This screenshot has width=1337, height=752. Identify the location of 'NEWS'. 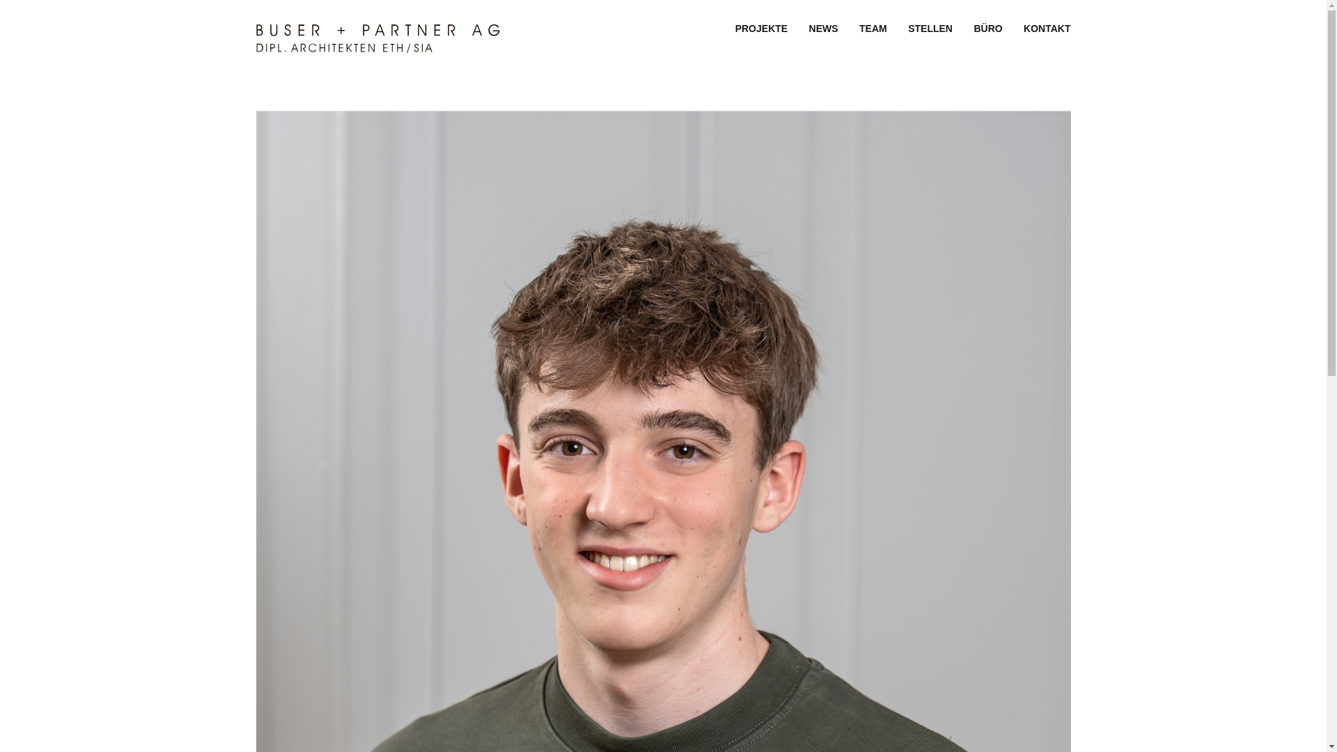
(799, 29).